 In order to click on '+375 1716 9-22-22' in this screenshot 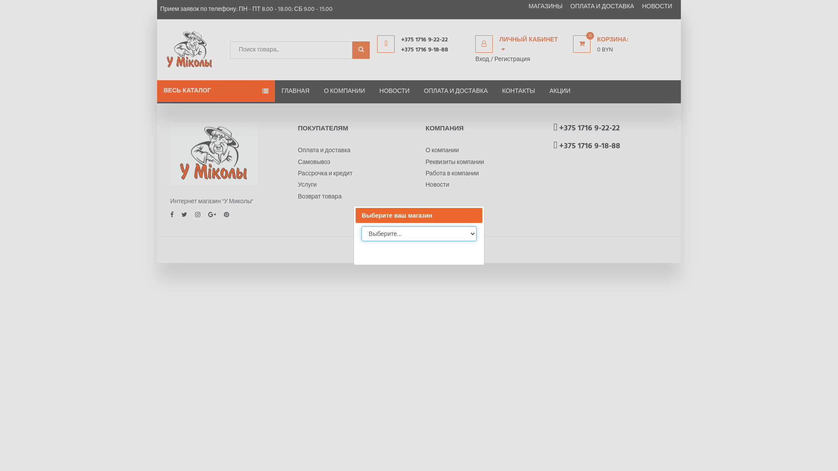, I will do `click(589, 128)`.